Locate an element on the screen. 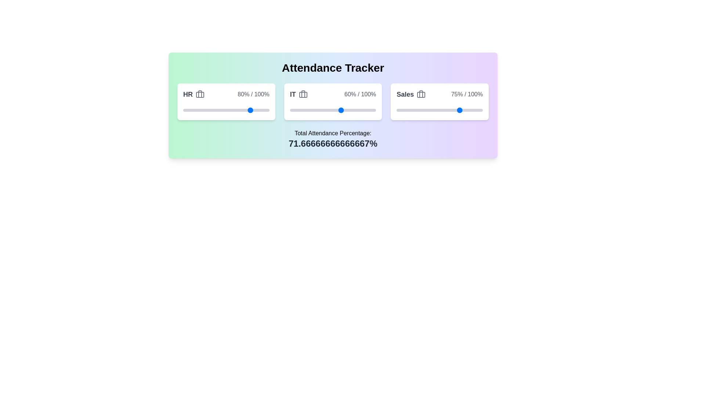 The height and width of the screenshot is (397, 705). the HR icon located to the right of the 'HR' text in the first panel of the dashboard interface is located at coordinates (200, 94).